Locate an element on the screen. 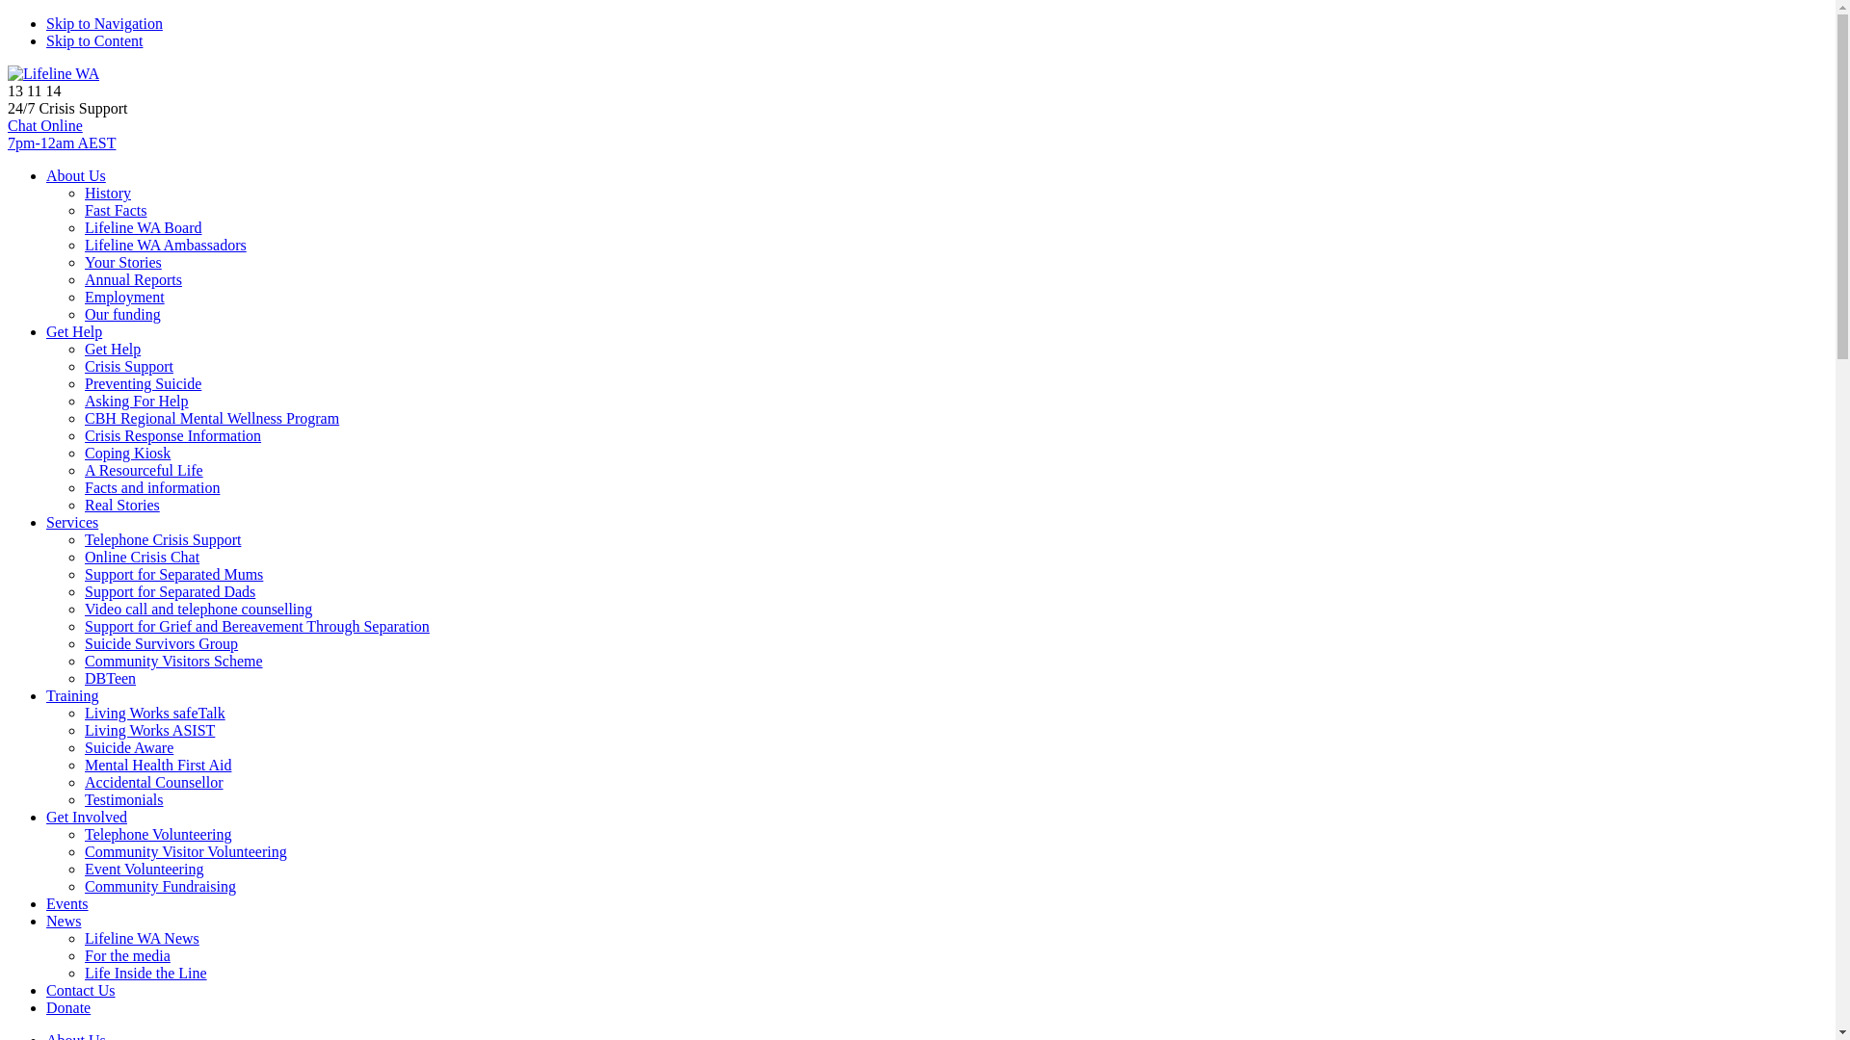 The height and width of the screenshot is (1040, 1850). 'Real Stories' is located at coordinates (120, 504).